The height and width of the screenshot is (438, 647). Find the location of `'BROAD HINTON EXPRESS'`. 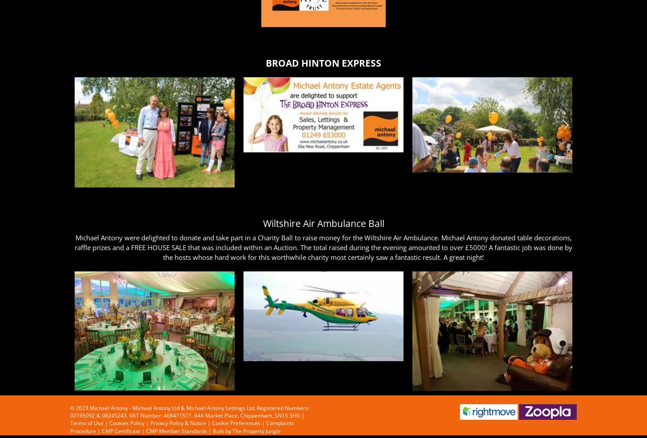

'BROAD HINTON EXPRESS' is located at coordinates (323, 62).